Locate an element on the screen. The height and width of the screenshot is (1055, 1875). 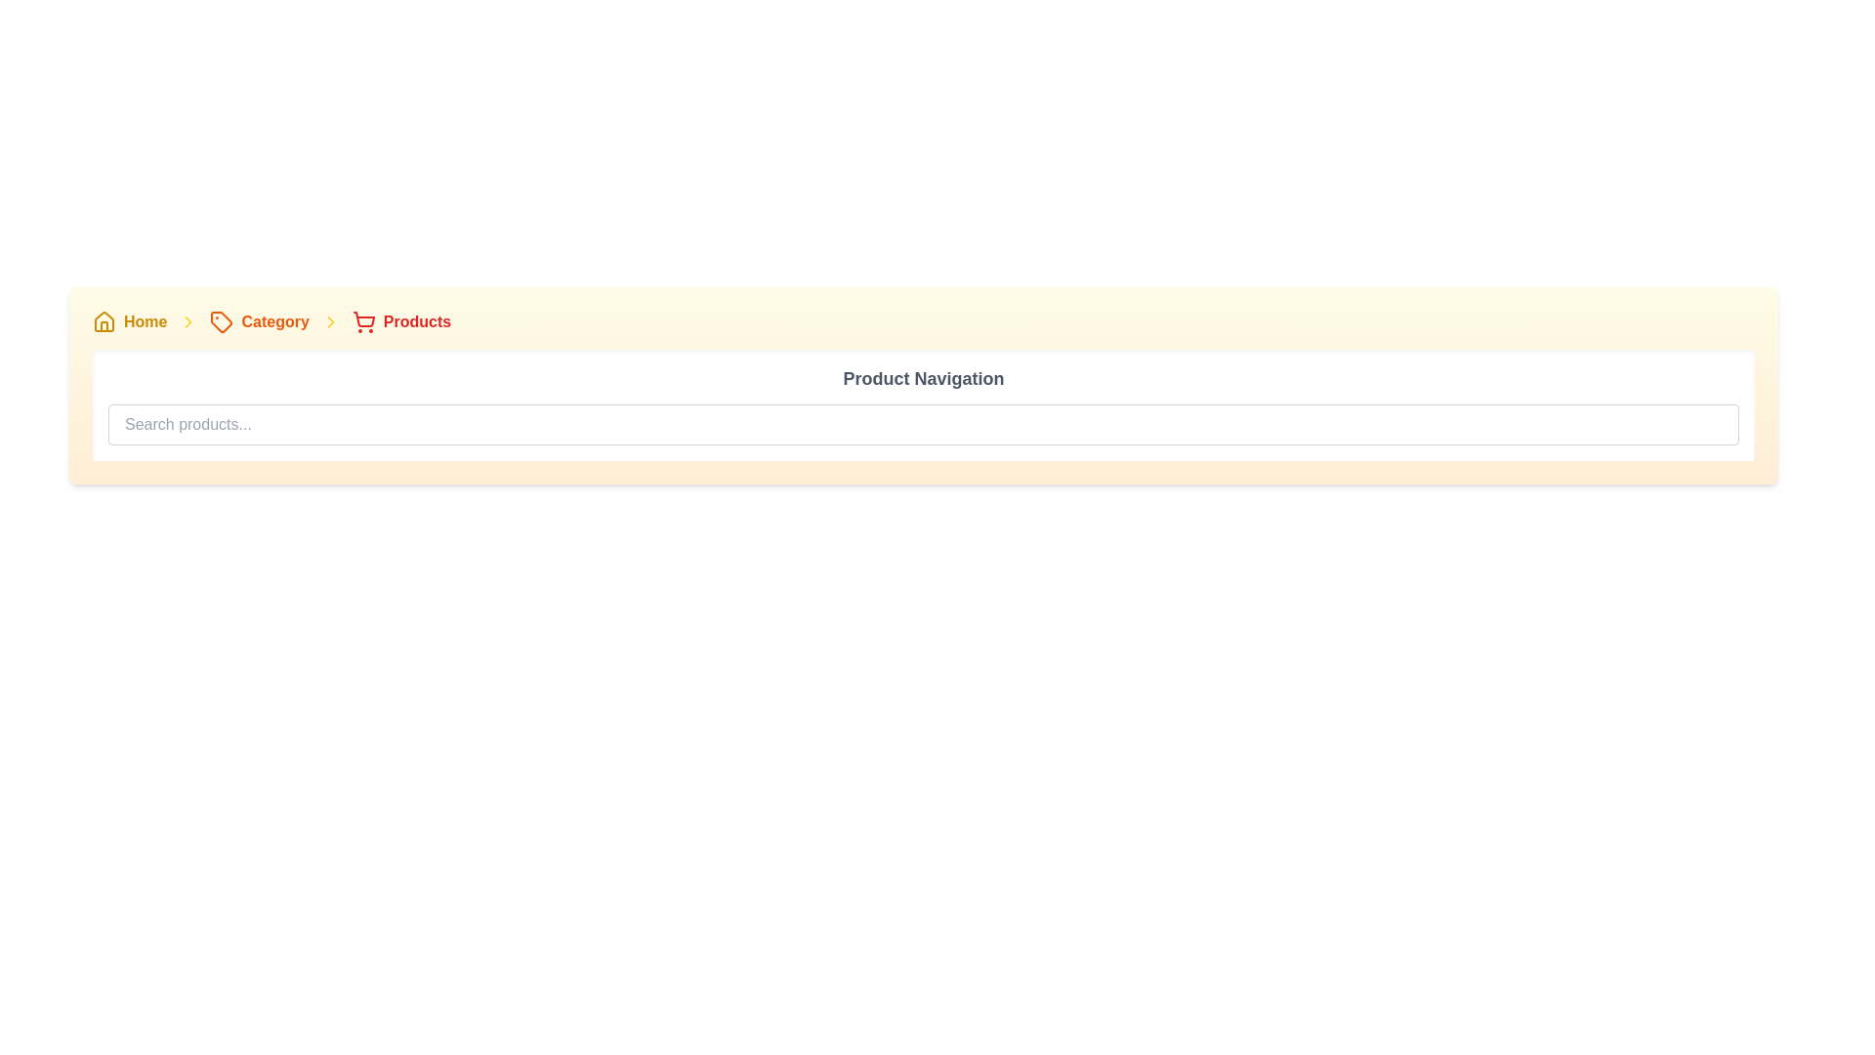
'Products' breadcrumb navigation item, which features a red bold label and a shopping cart icon, positioned as the third item in the breadcrumb trail is located at coordinates (400, 321).